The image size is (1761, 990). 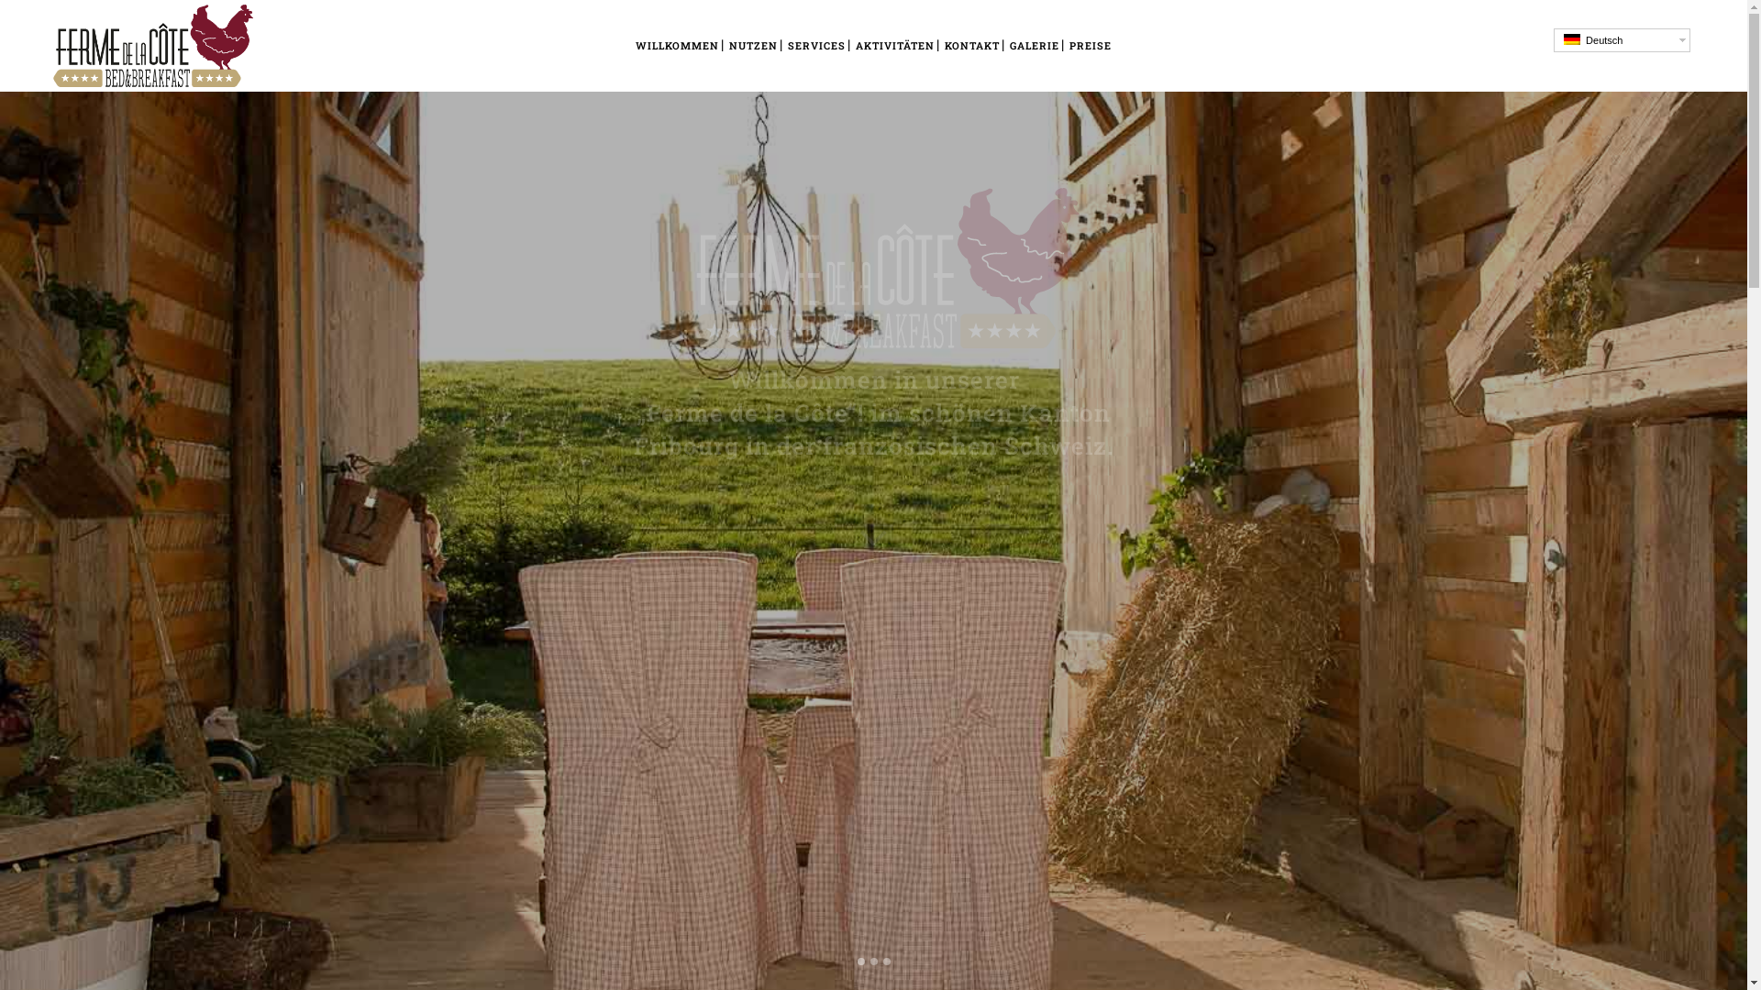 I want to click on ' Deutsch', so click(x=1622, y=38).